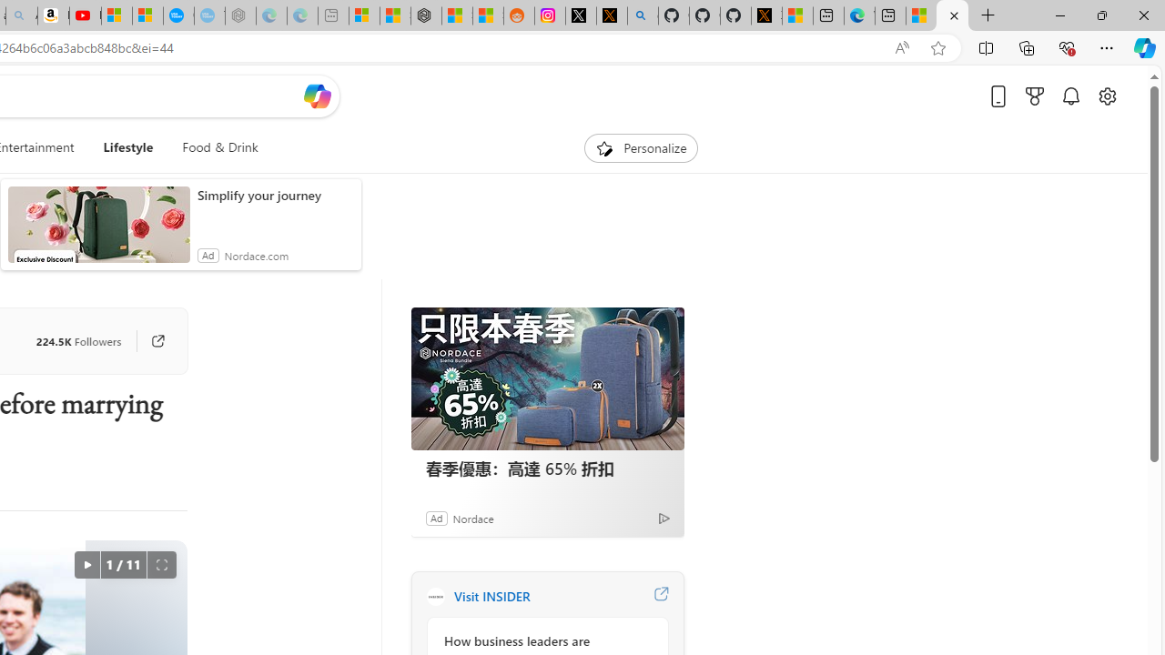 Image resolution: width=1165 pixels, height=655 pixels. Describe the element at coordinates (213, 147) in the screenshot. I see `'Food & Drink'` at that location.